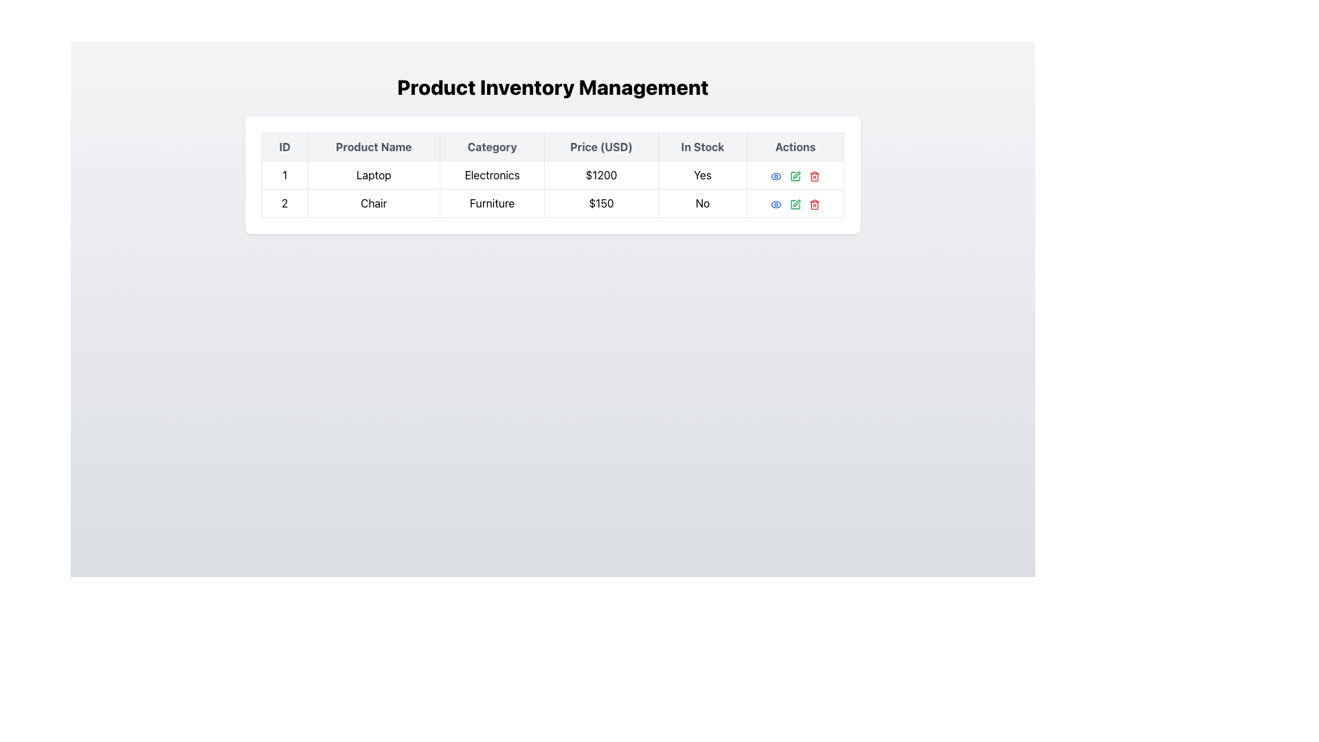 This screenshot has height=742, width=1319. I want to click on the green edit icon button located in the 'Actions' column of the second row of the data table, so click(795, 174).